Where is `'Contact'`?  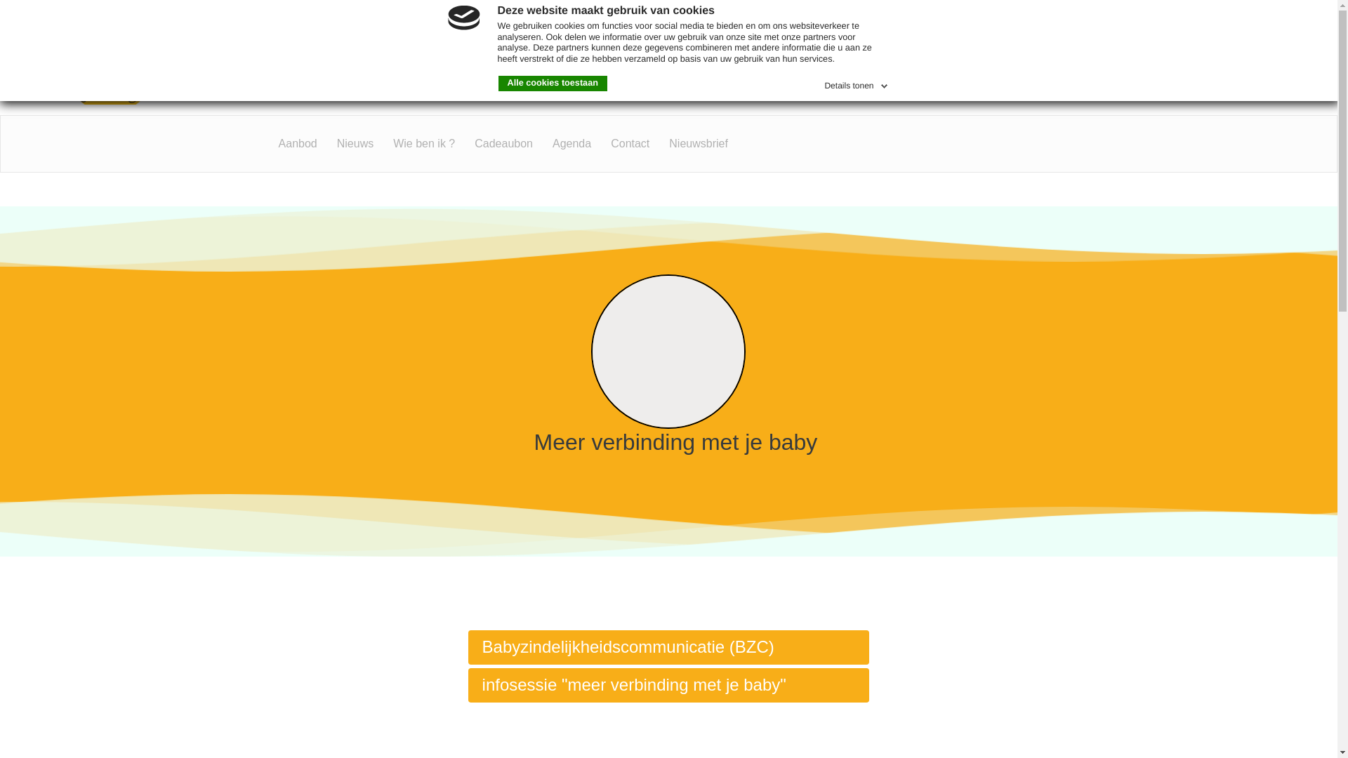
'Contact' is located at coordinates (629, 143).